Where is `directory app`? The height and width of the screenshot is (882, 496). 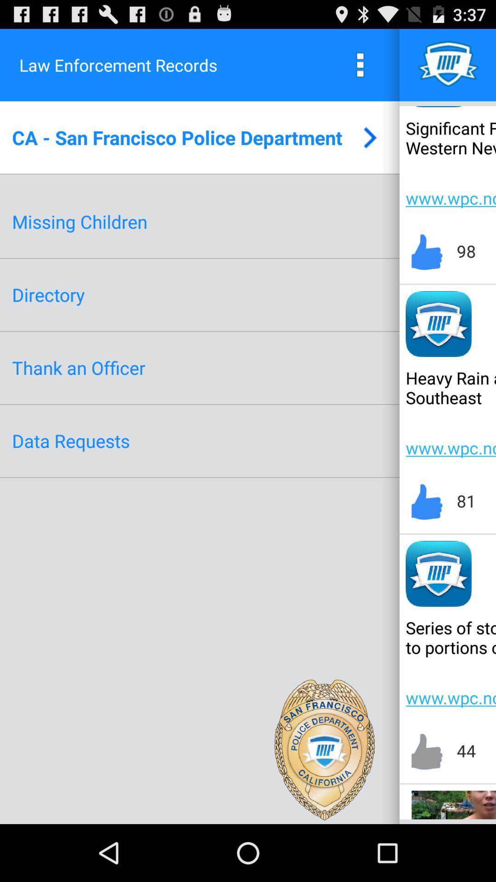 directory app is located at coordinates (48, 294).